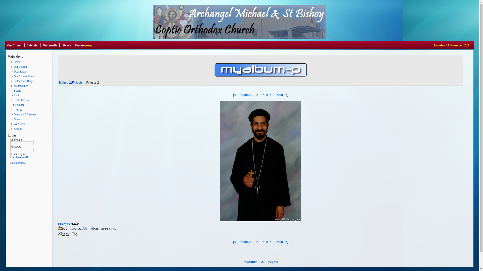 Image resolution: width=483 pixels, height=271 pixels. Describe the element at coordinates (285, 95) in the screenshot. I see `'>]'` at that location.